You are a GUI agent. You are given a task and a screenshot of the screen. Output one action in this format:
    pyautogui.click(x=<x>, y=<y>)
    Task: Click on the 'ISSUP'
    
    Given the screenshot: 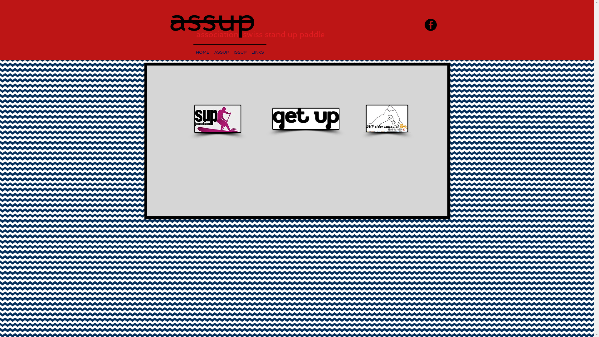 What is the action you would take?
    pyautogui.click(x=239, y=49)
    